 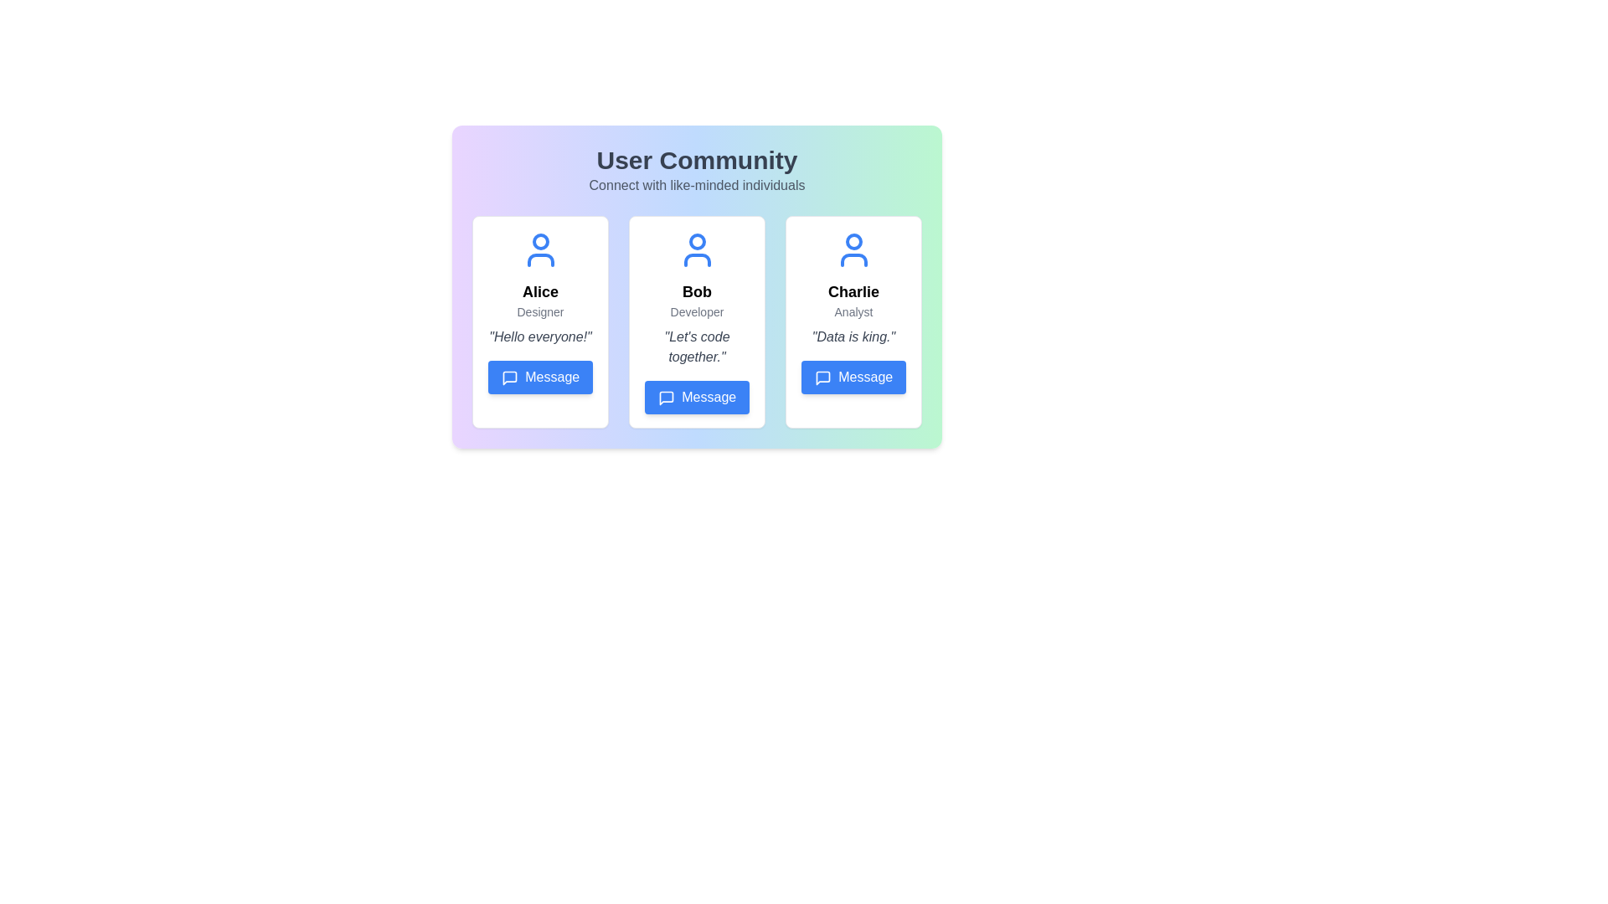 What do you see at coordinates (697, 242) in the screenshot?
I see `the transparent SVG Circle element that outlines the middle user icon for 'Bob' in the user list section` at bounding box center [697, 242].